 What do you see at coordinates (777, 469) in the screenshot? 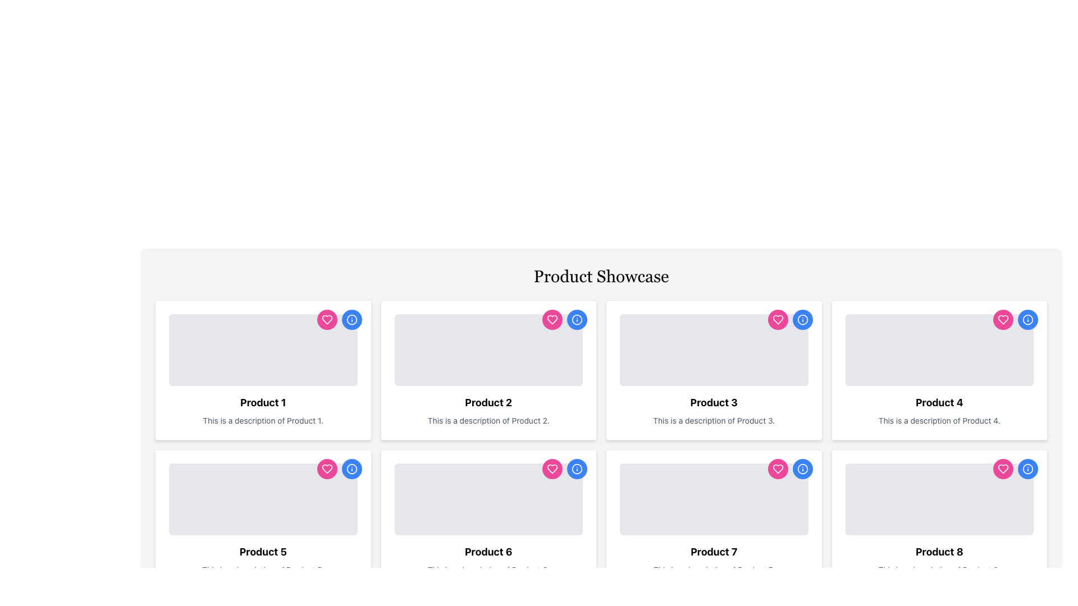
I see `the pink heart icon located at the top-right corner of the 'Product 3' card` at bounding box center [777, 469].